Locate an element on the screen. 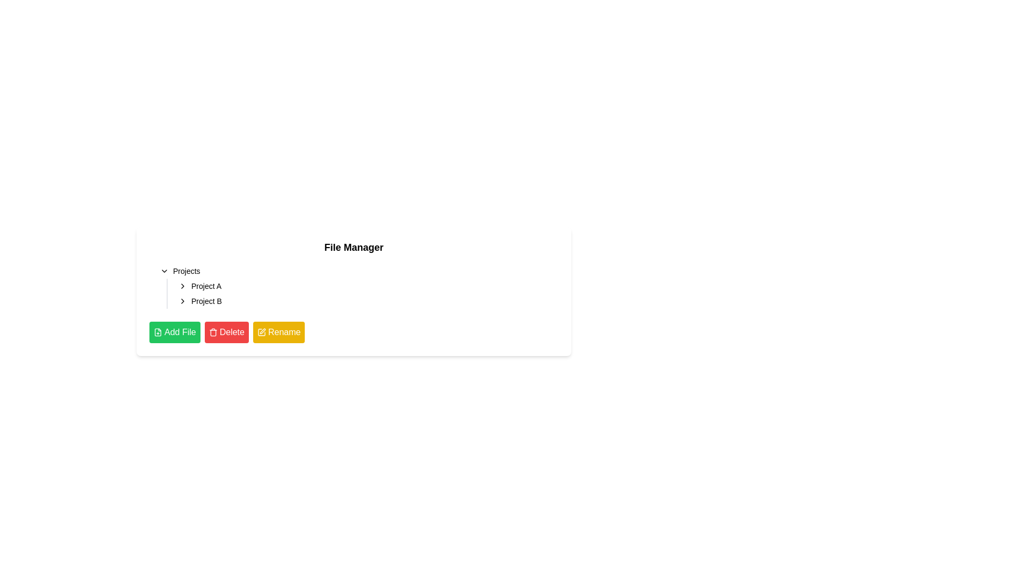 The image size is (1032, 580). the text label displaying 'Project B' for additional information is located at coordinates (206, 301).